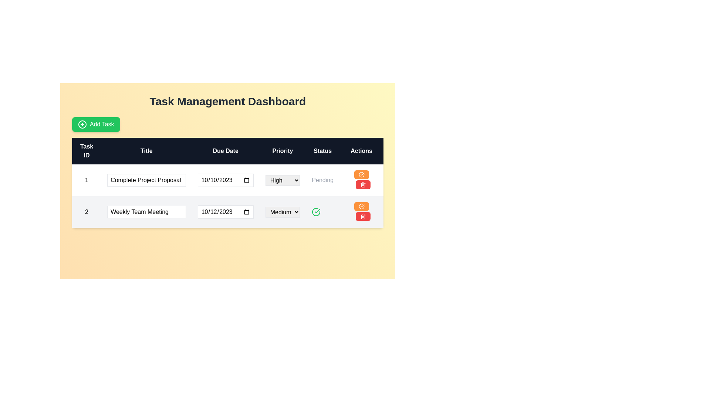 This screenshot has width=710, height=399. What do you see at coordinates (282, 180) in the screenshot?
I see `the 'High' dropdown menu in the 'Priority' column of the task table` at bounding box center [282, 180].